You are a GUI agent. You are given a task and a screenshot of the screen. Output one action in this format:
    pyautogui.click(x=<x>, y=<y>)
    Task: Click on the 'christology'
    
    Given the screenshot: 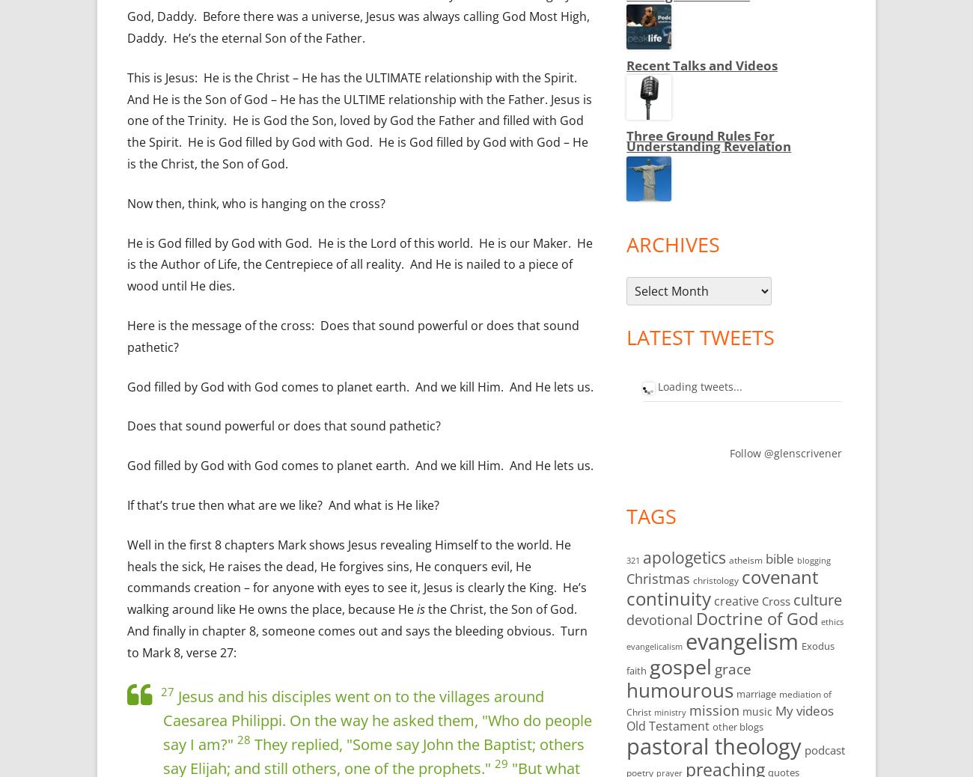 What is the action you would take?
    pyautogui.click(x=716, y=579)
    